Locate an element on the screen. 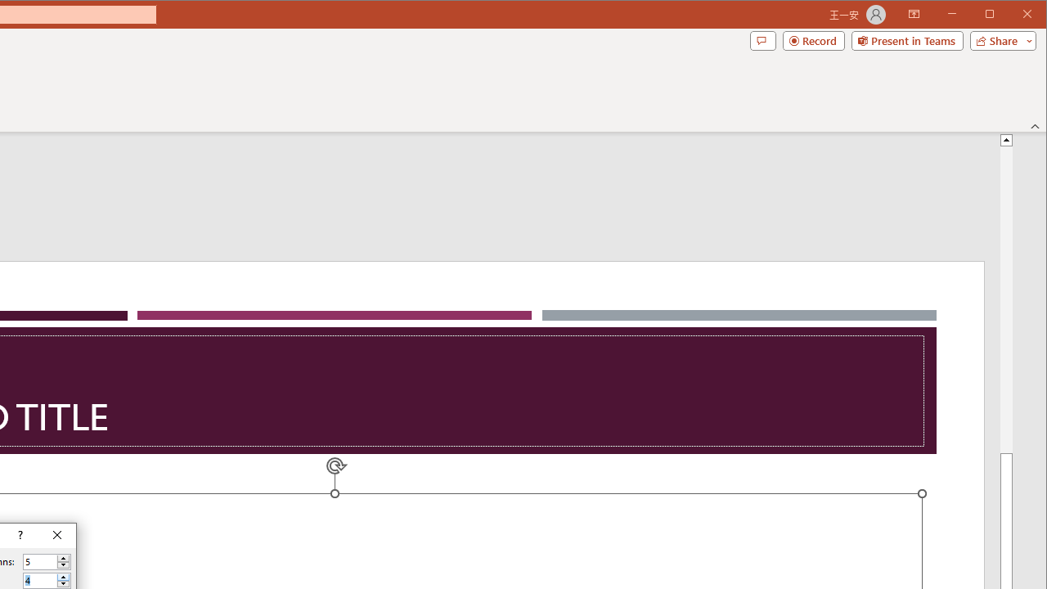 This screenshot has height=589, width=1047. 'Number of rows' is located at coordinates (47, 579).